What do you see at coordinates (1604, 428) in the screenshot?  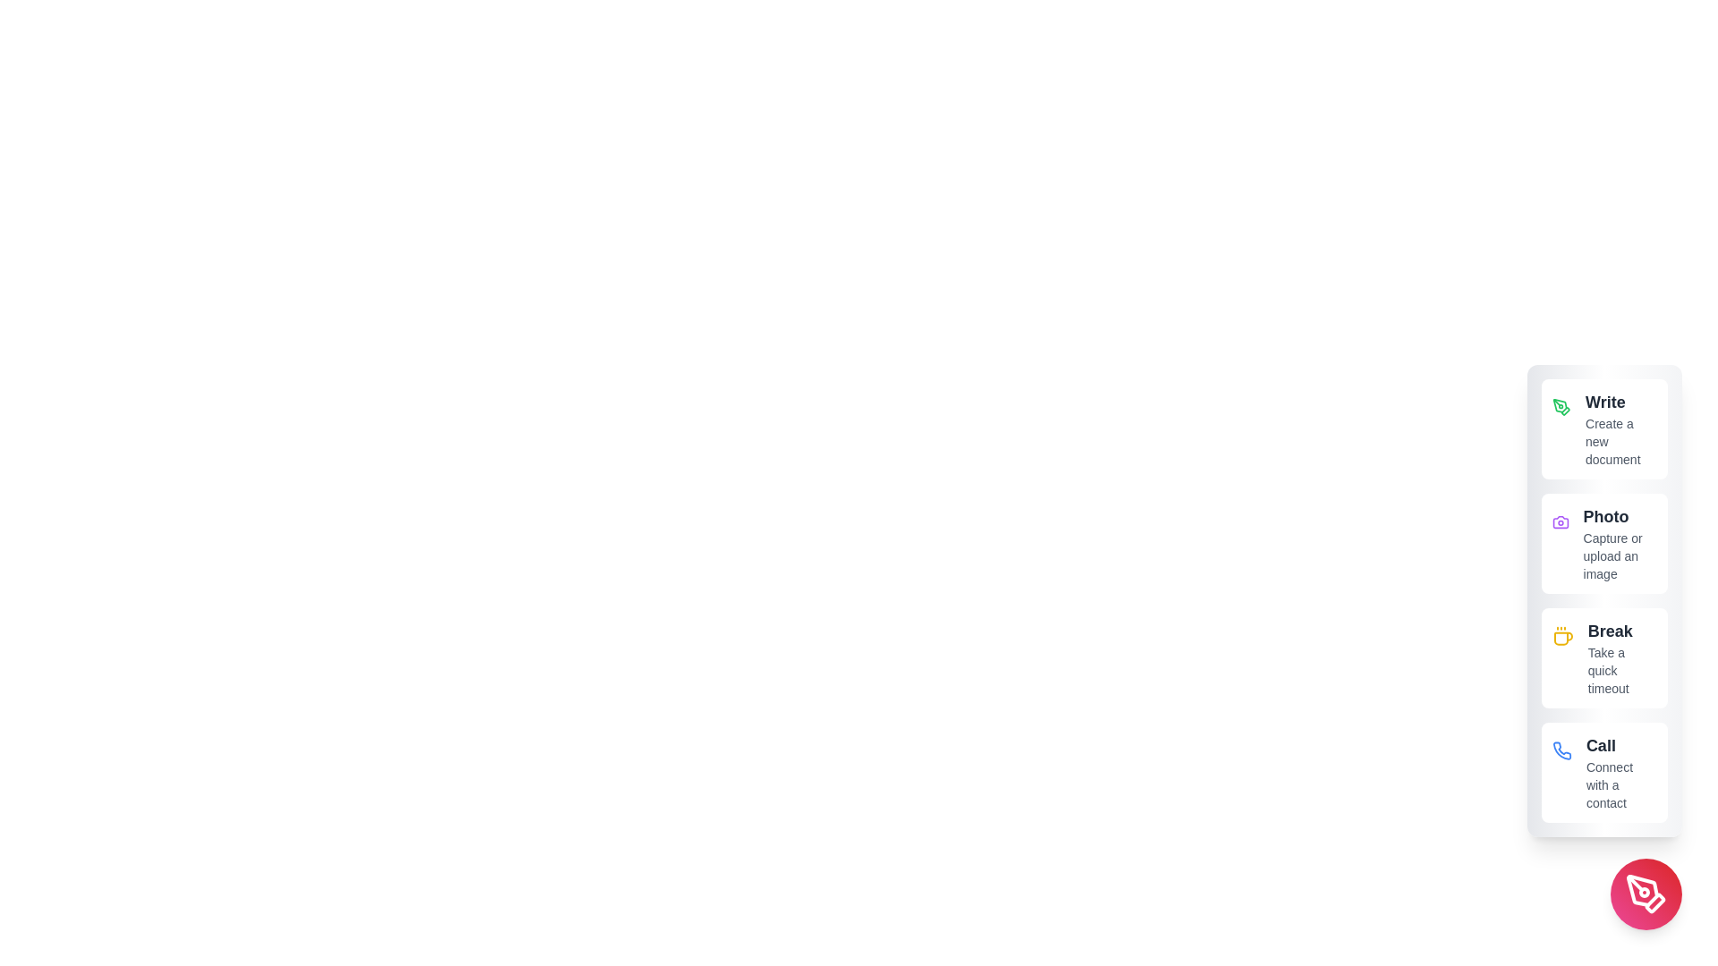 I see `the 'Write' option to create a new document` at bounding box center [1604, 428].